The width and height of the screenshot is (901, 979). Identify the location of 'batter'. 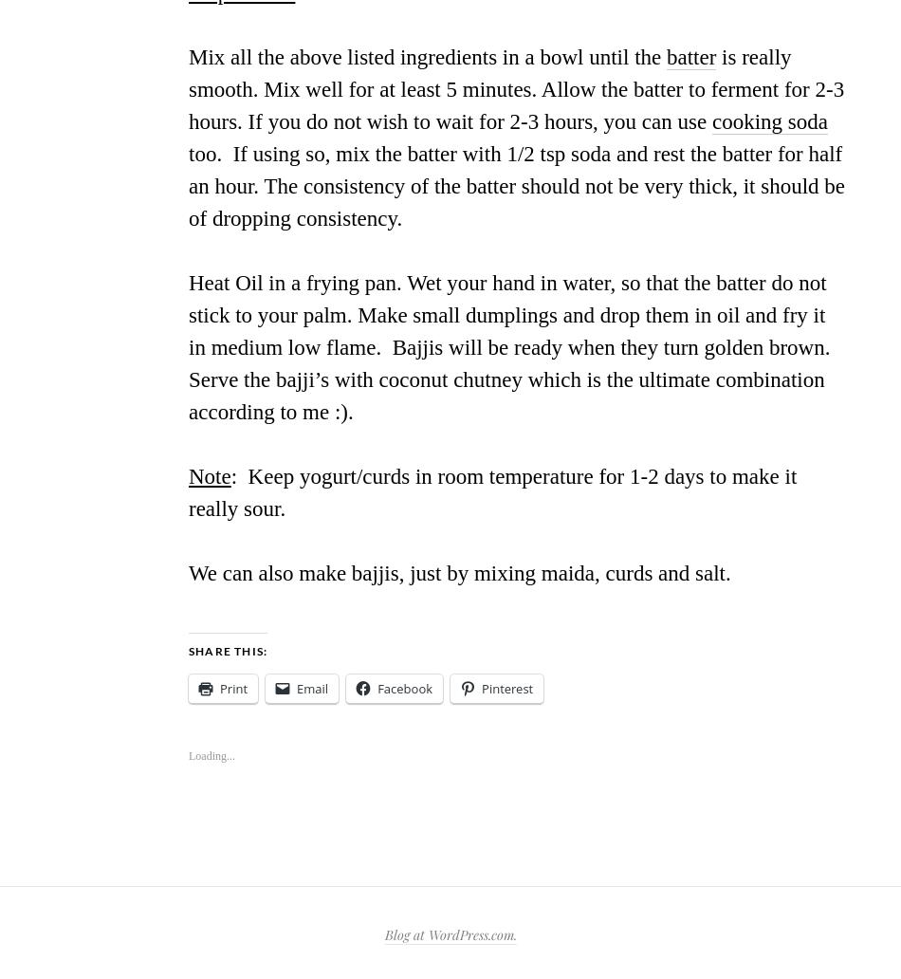
(690, 57).